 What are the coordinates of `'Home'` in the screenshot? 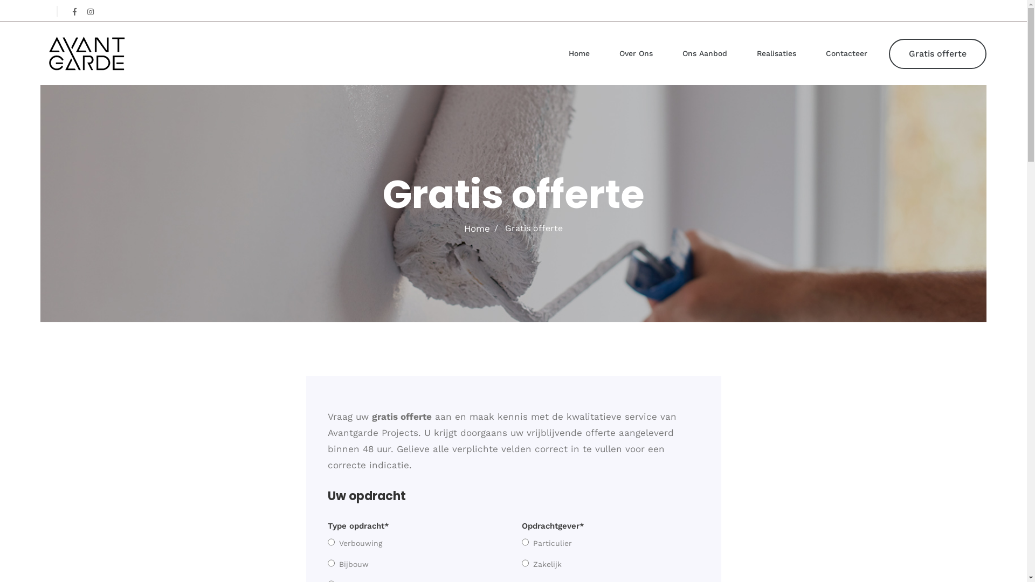 It's located at (578, 53).